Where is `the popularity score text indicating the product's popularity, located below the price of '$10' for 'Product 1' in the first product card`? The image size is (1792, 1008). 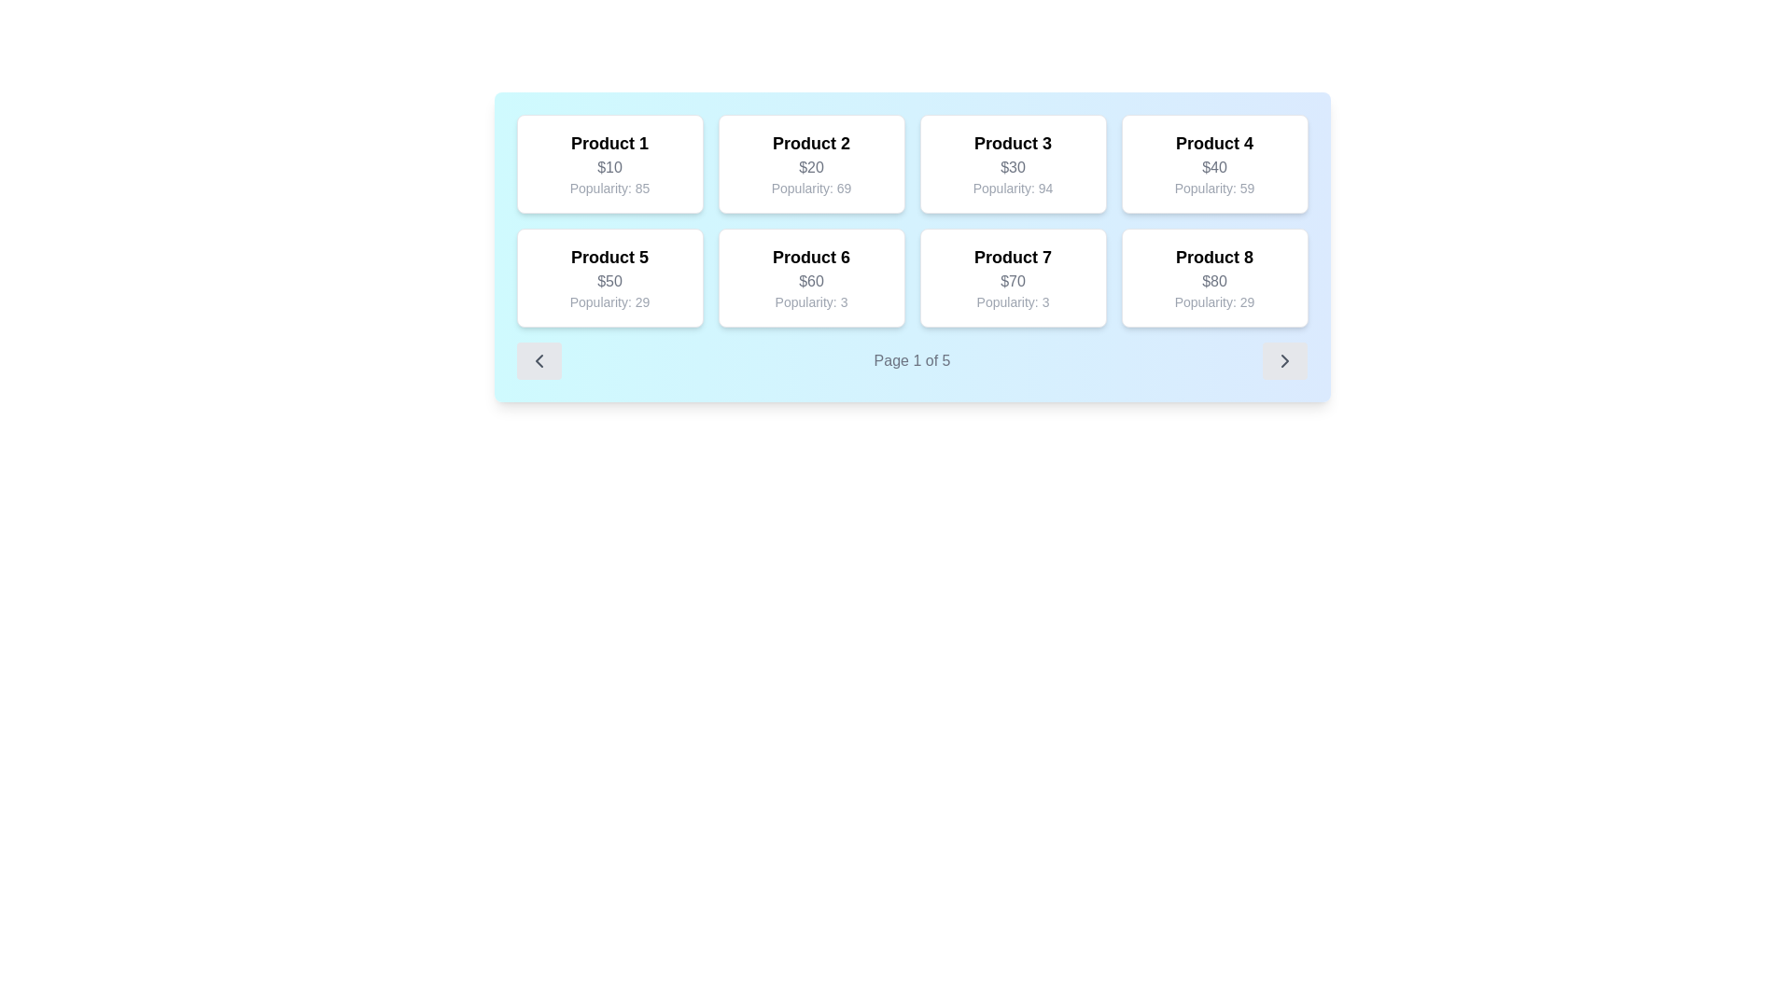
the popularity score text indicating the product's popularity, located below the price of '$10' for 'Product 1' in the first product card is located at coordinates (609, 188).